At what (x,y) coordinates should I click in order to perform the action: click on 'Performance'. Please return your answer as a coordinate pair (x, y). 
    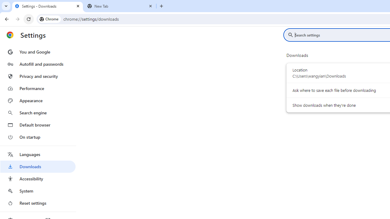
    Looking at the image, I should click on (37, 88).